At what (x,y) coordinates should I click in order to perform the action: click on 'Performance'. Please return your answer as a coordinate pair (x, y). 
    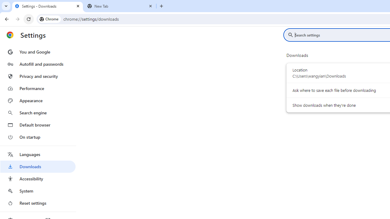
    Looking at the image, I should click on (37, 88).